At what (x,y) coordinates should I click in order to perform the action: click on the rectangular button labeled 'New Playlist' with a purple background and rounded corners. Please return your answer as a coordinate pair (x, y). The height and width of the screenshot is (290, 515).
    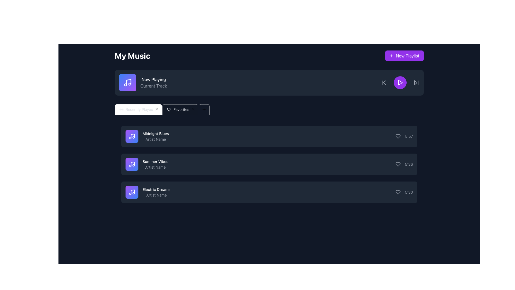
    Looking at the image, I should click on (404, 56).